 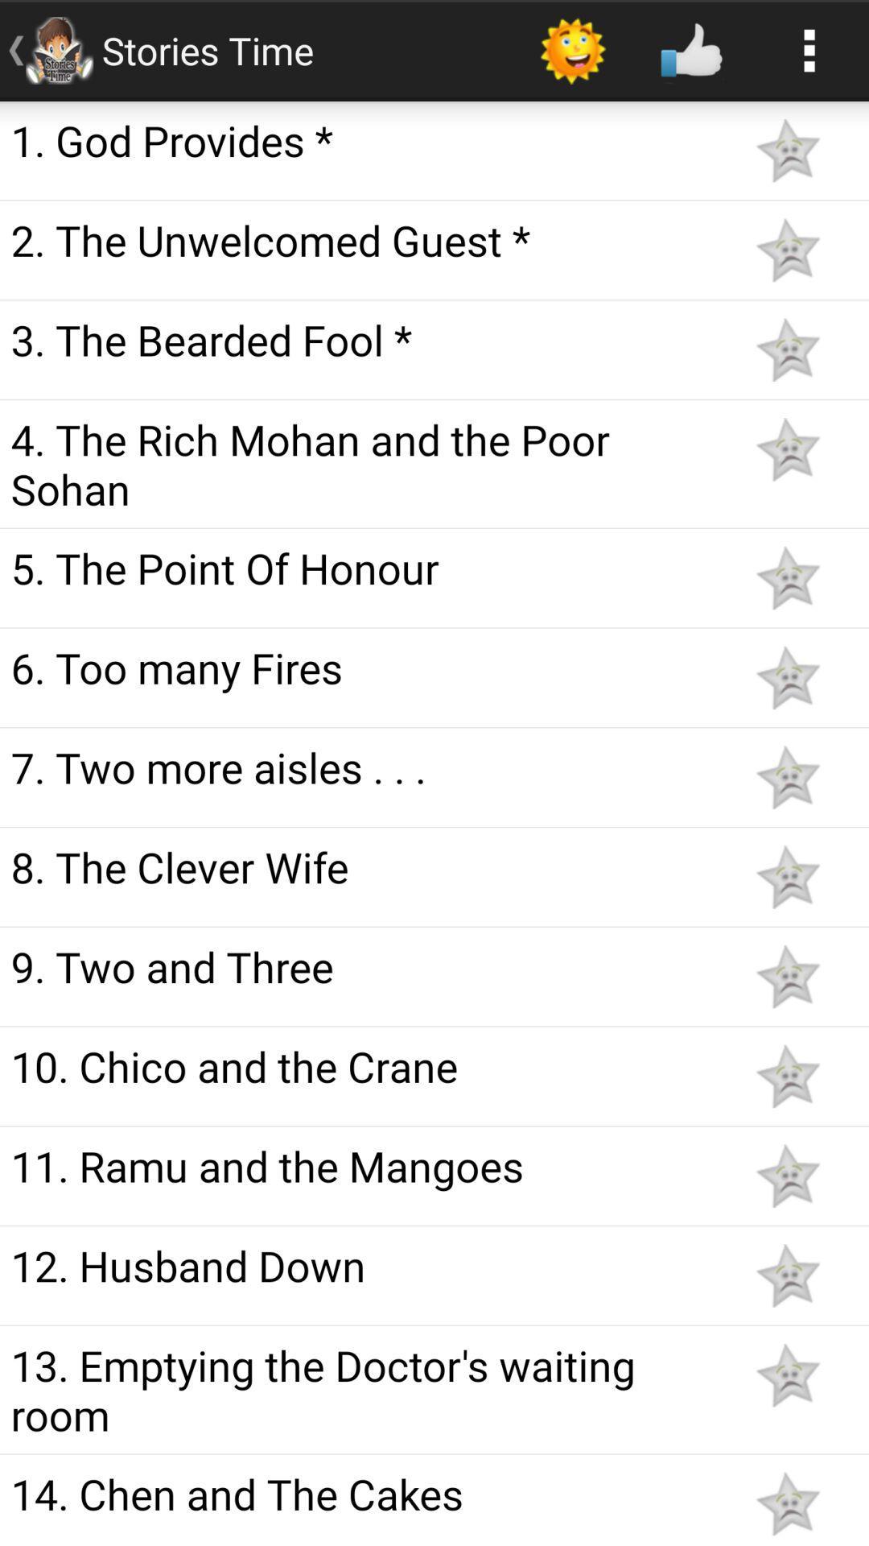 I want to click on book mark, so click(x=787, y=349).